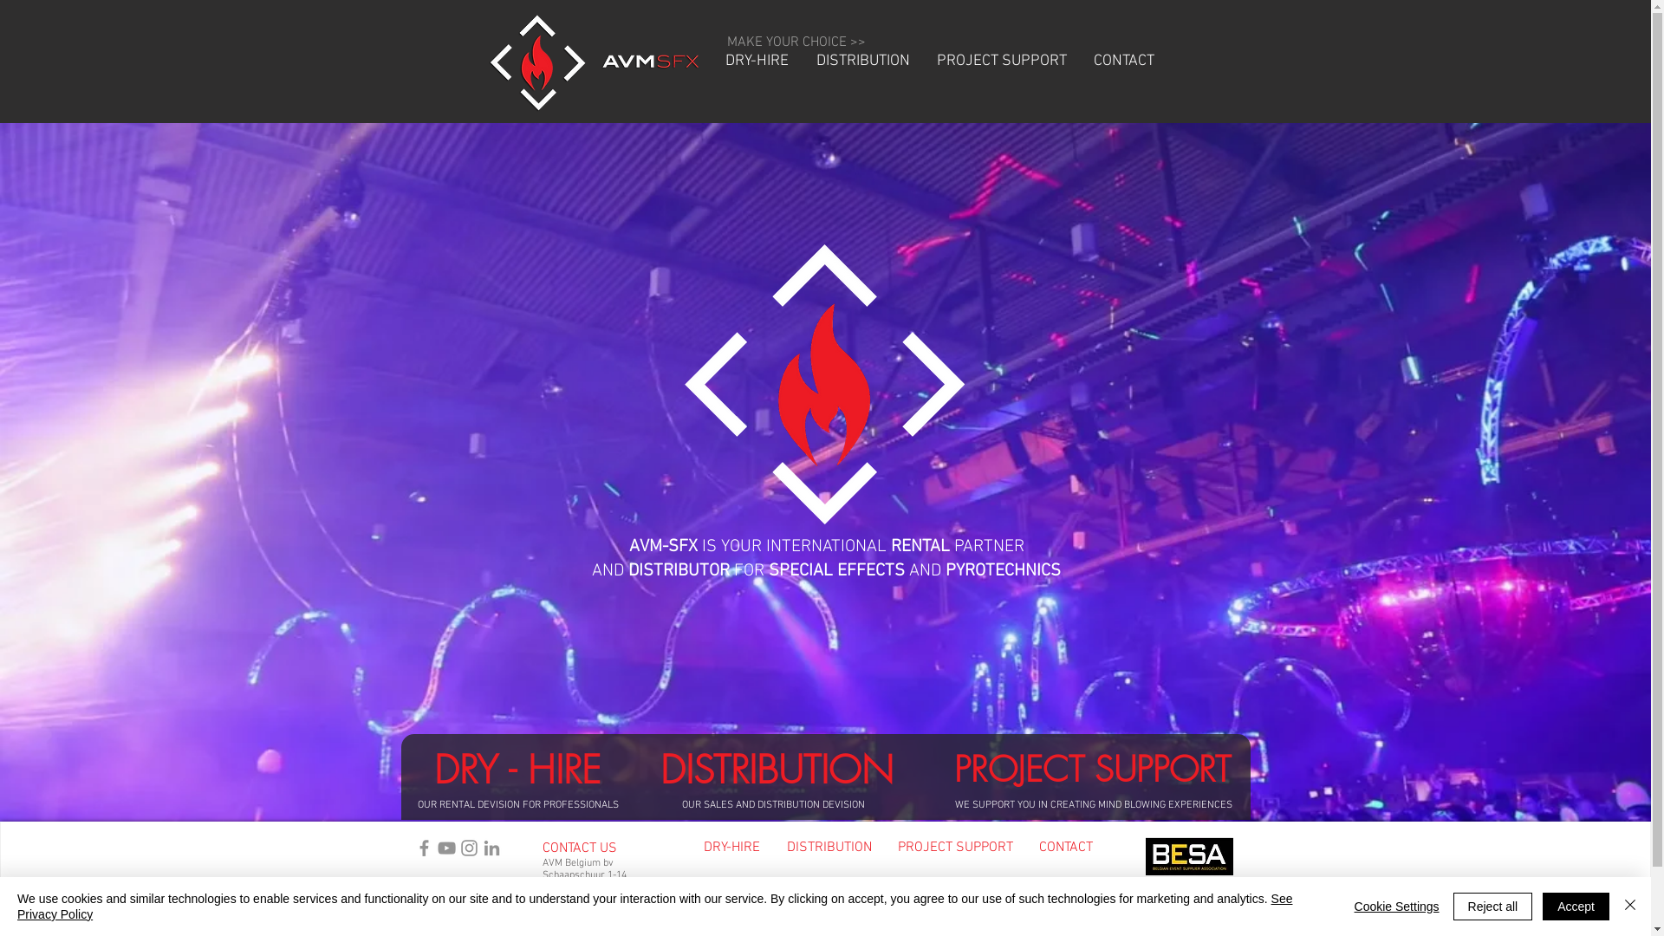 This screenshot has width=1664, height=936. What do you see at coordinates (711, 60) in the screenshot?
I see `'DRY-HIRE'` at bounding box center [711, 60].